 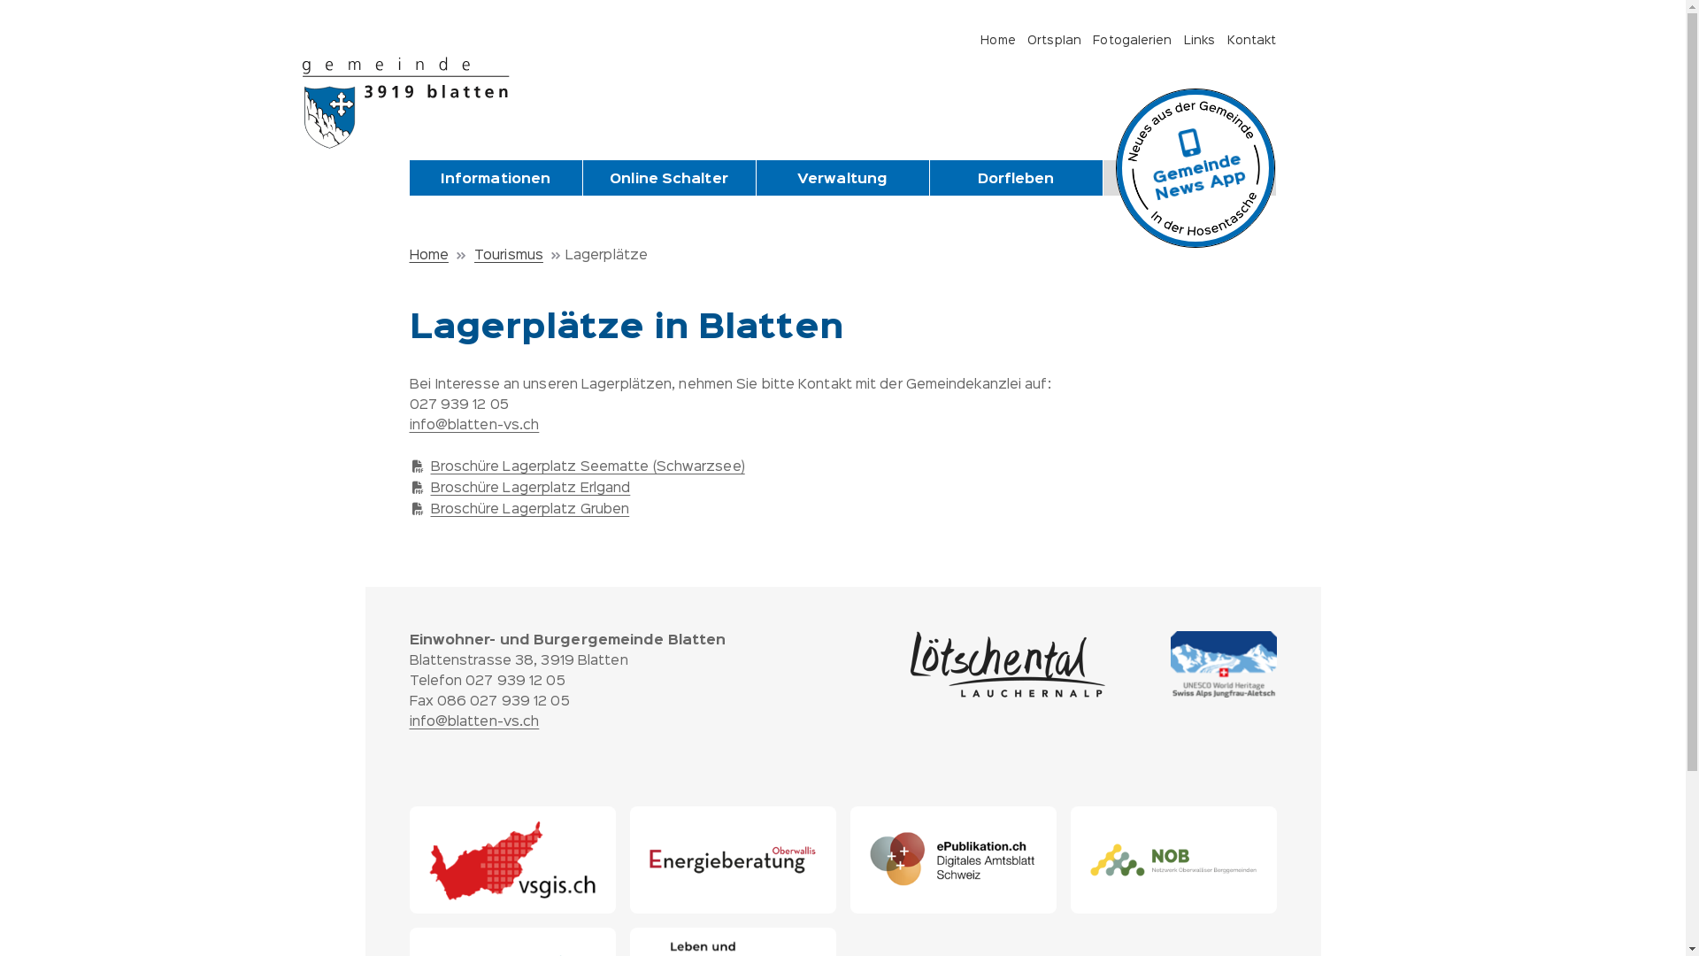 I want to click on 'info@blatten-vs.ch', so click(x=407, y=722).